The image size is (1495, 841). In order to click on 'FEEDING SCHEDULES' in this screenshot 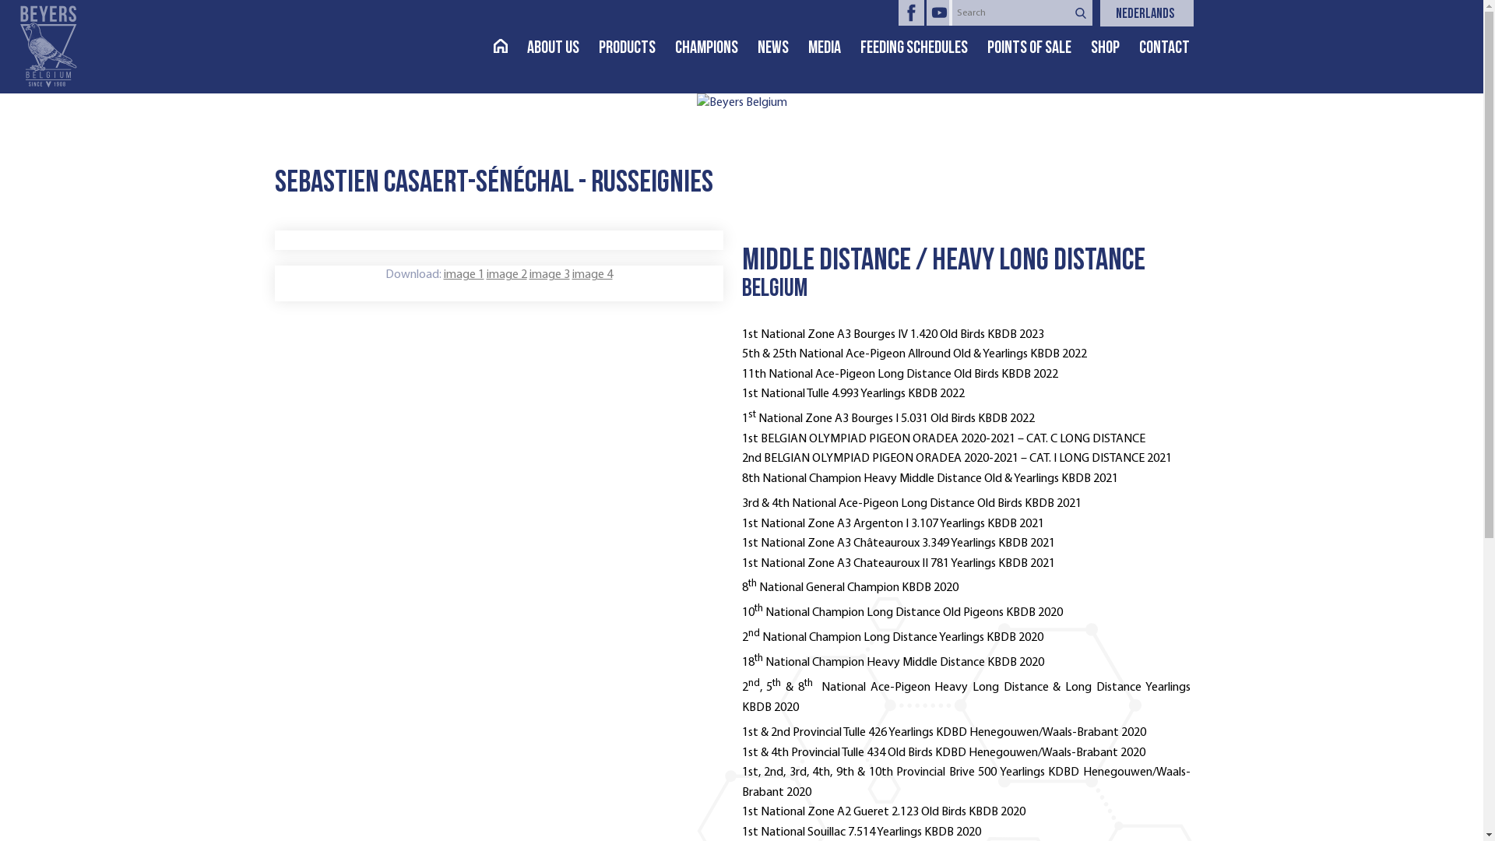, I will do `click(859, 48)`.